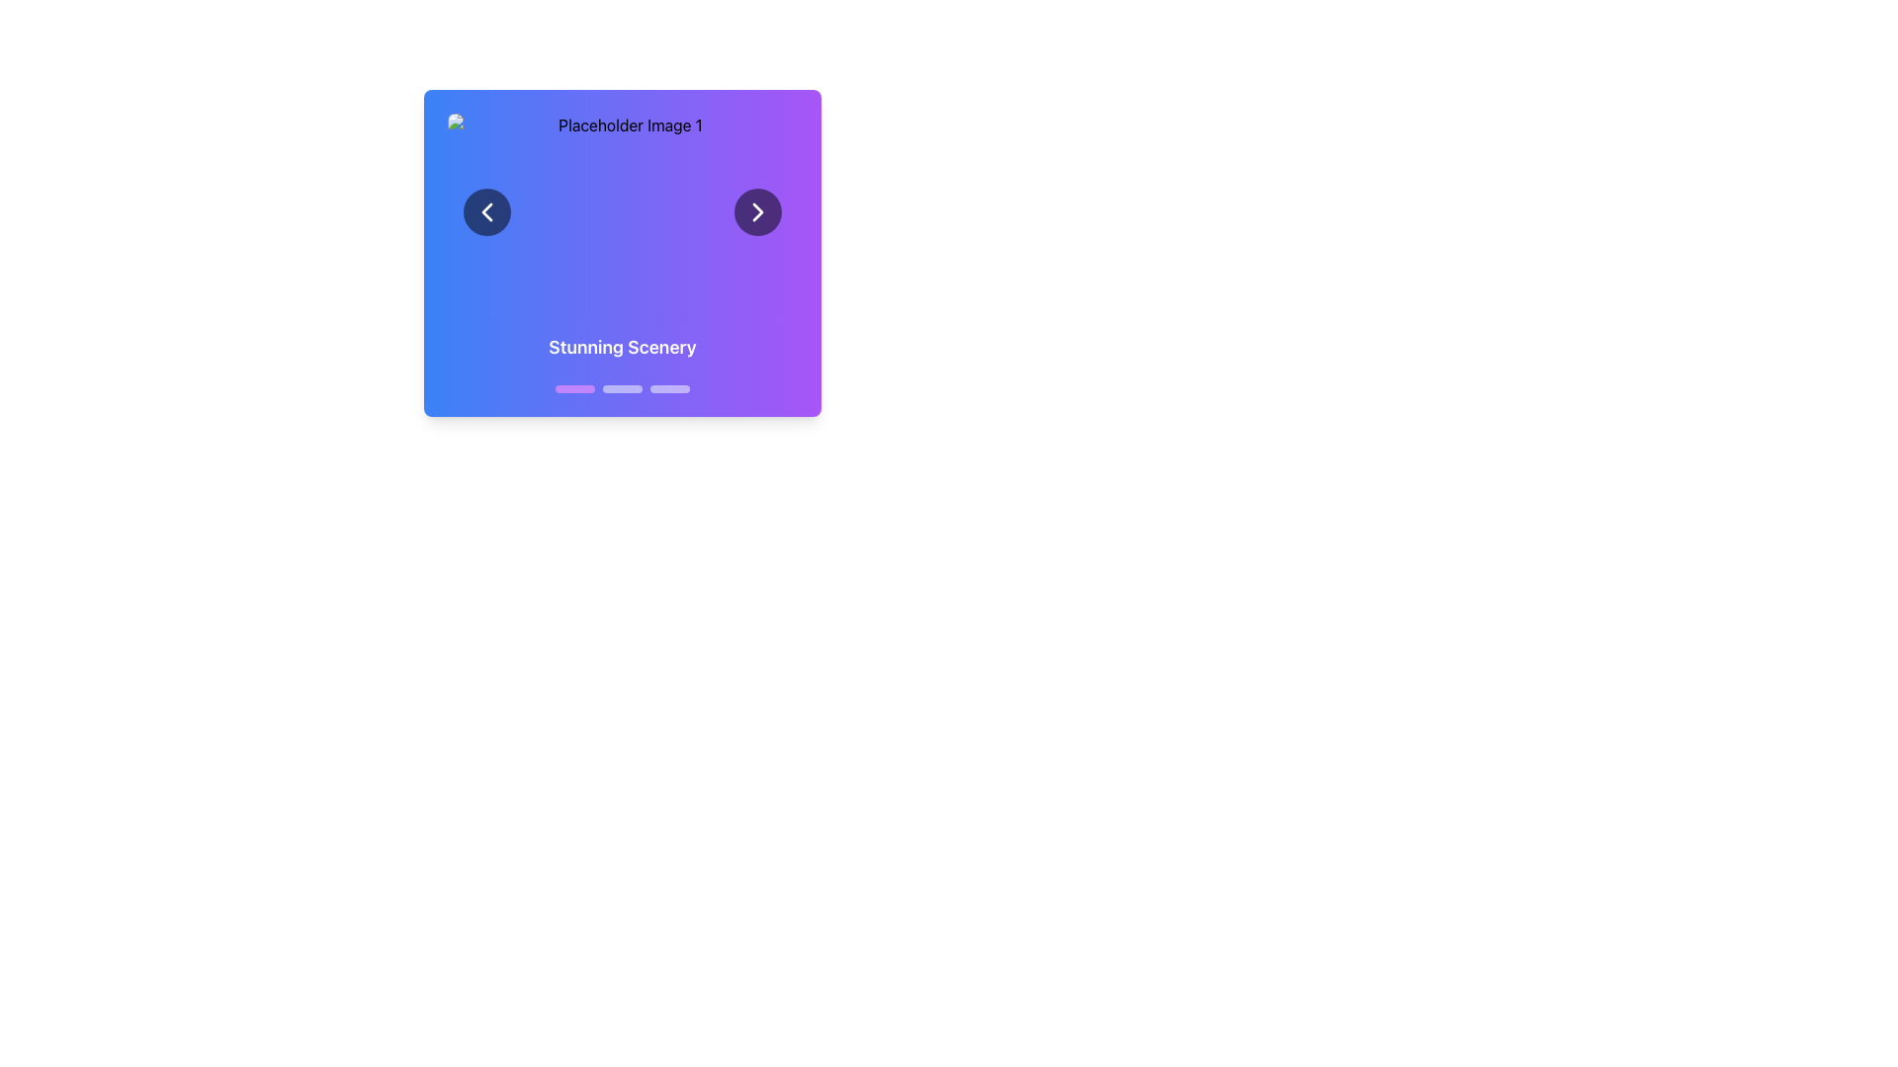 The height and width of the screenshot is (1067, 1898). Describe the element at coordinates (573, 388) in the screenshot. I see `the first purple progress bar indicator located below the 'Stunning Scenery' label for interactions` at that location.